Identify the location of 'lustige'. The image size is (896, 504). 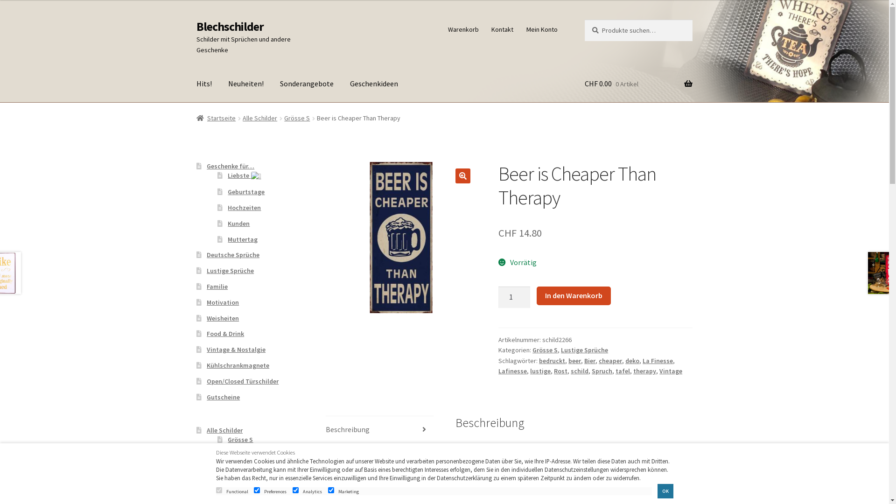
(540, 370).